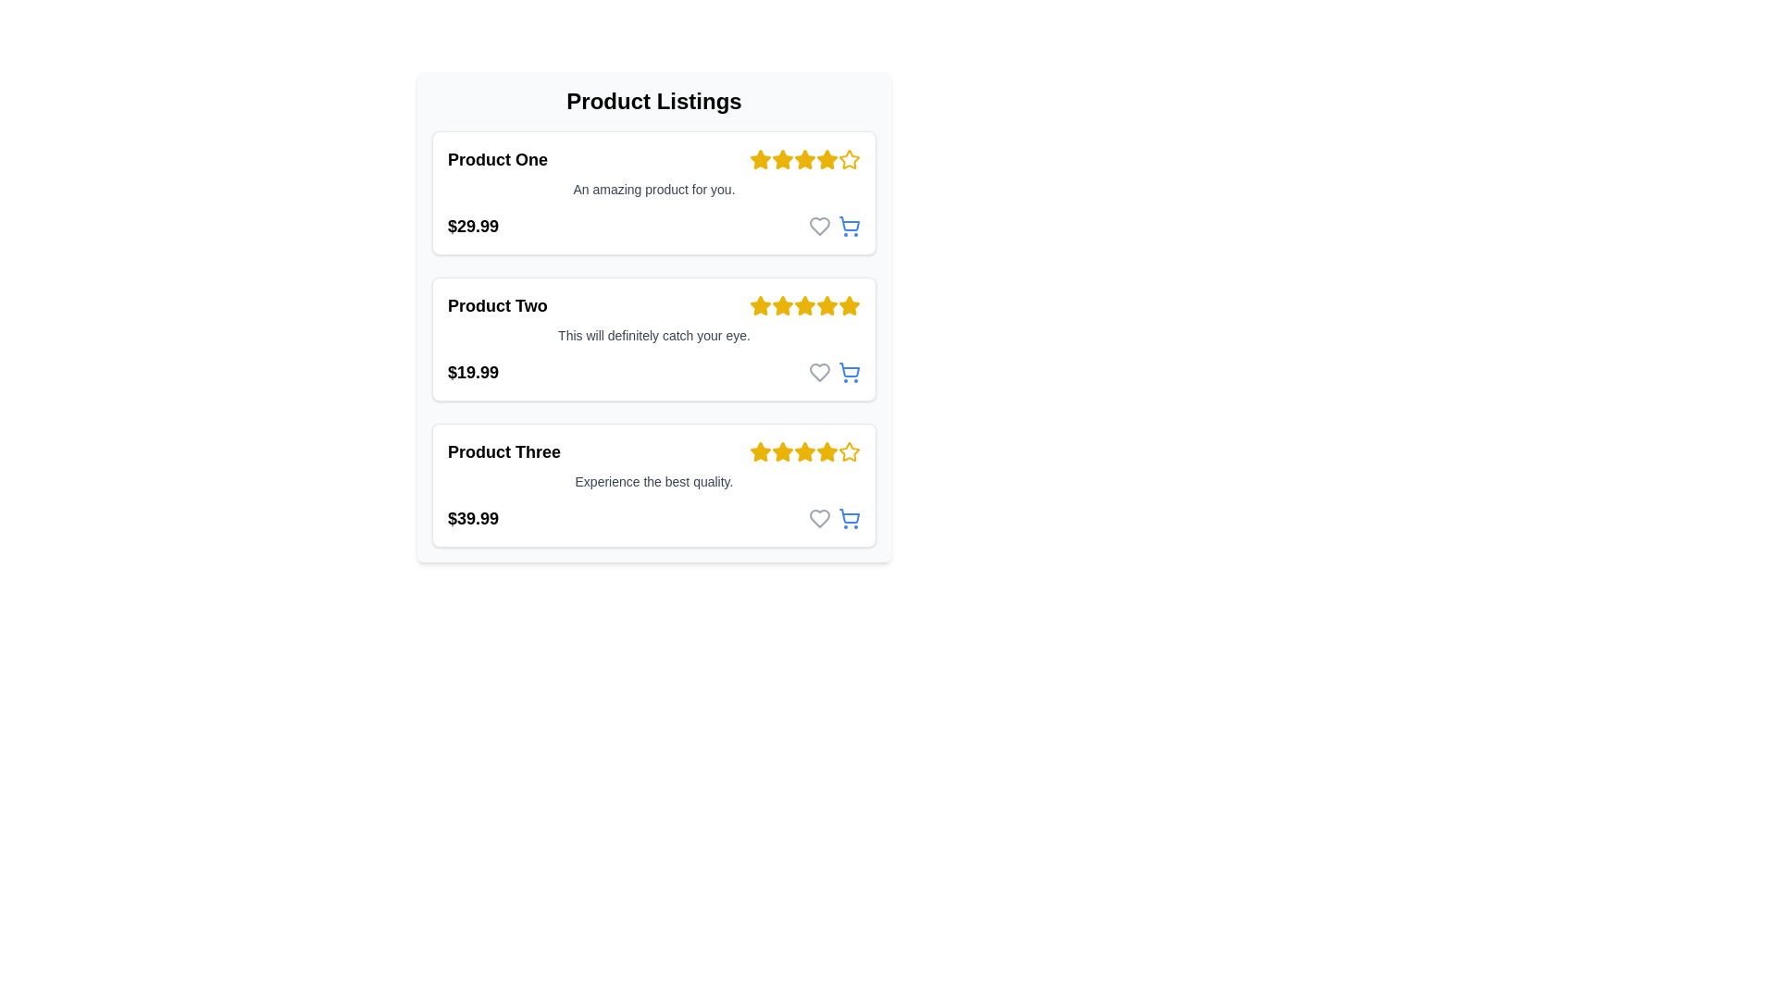 Image resolution: width=1777 pixels, height=999 pixels. What do you see at coordinates (826, 159) in the screenshot?
I see `the sixth yellow star-shaped icon representing the rating for 'Product One' to interact with the rating feature` at bounding box center [826, 159].